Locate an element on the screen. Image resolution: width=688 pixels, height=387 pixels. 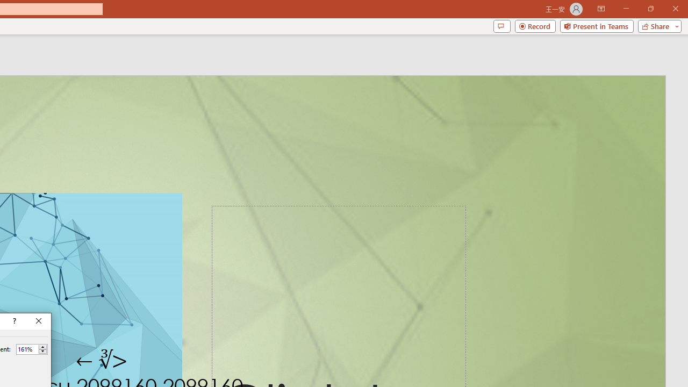
'Context help' is located at coordinates (13, 320).